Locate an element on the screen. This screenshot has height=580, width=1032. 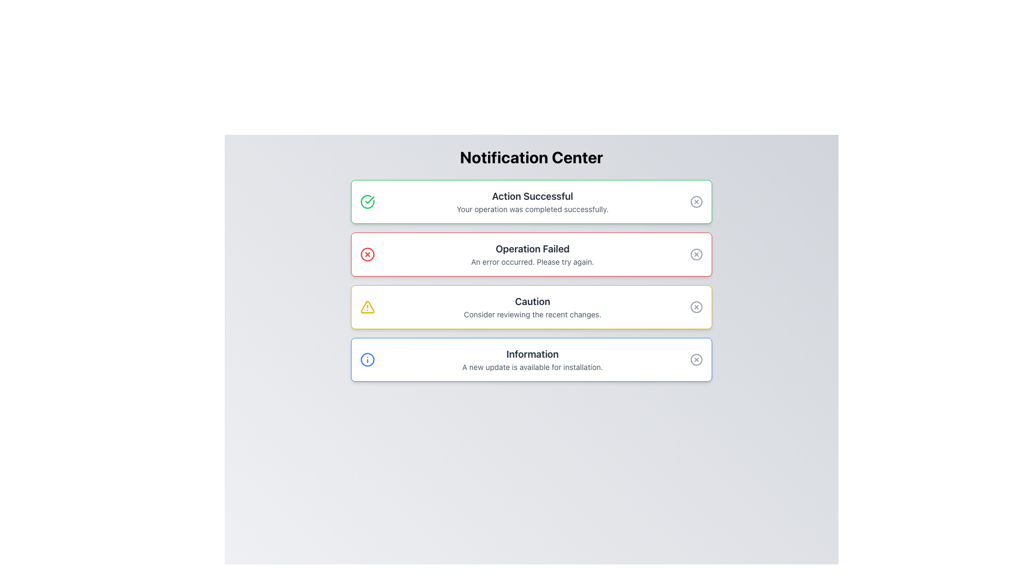
the circular button with a cross in the middle, styled in muted gray, located at the far right of the notification card displaying the text 'Information A new update is available for installation.' is located at coordinates (697, 360).